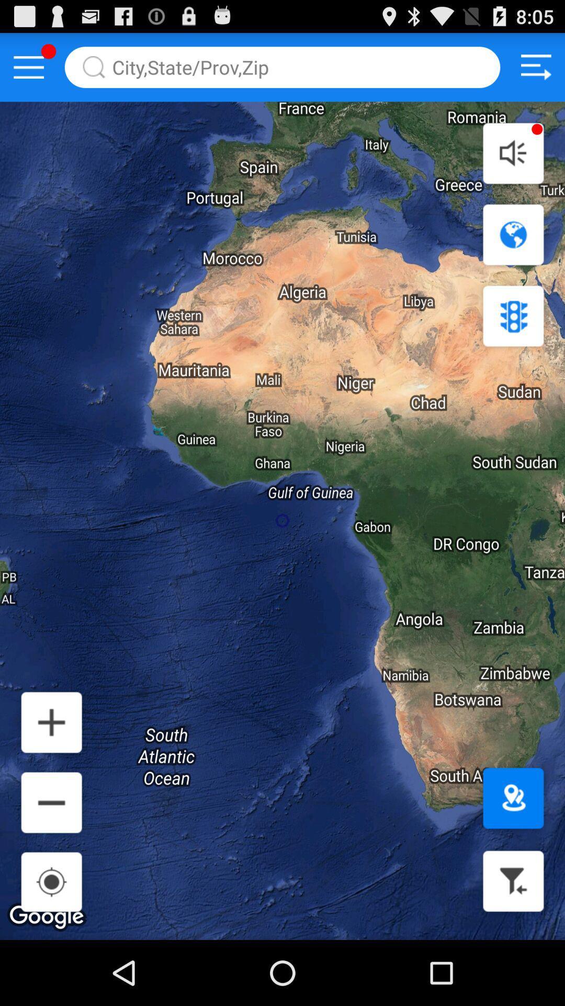 The height and width of the screenshot is (1006, 565). I want to click on show where you are, so click(513, 797).